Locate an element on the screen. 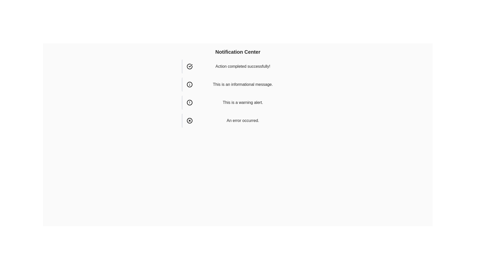 Image resolution: width=483 pixels, height=271 pixels. the warning alert icon located to the left of the text 'This is a warning alert.' which signifies a warning or alert status is located at coordinates (189, 102).